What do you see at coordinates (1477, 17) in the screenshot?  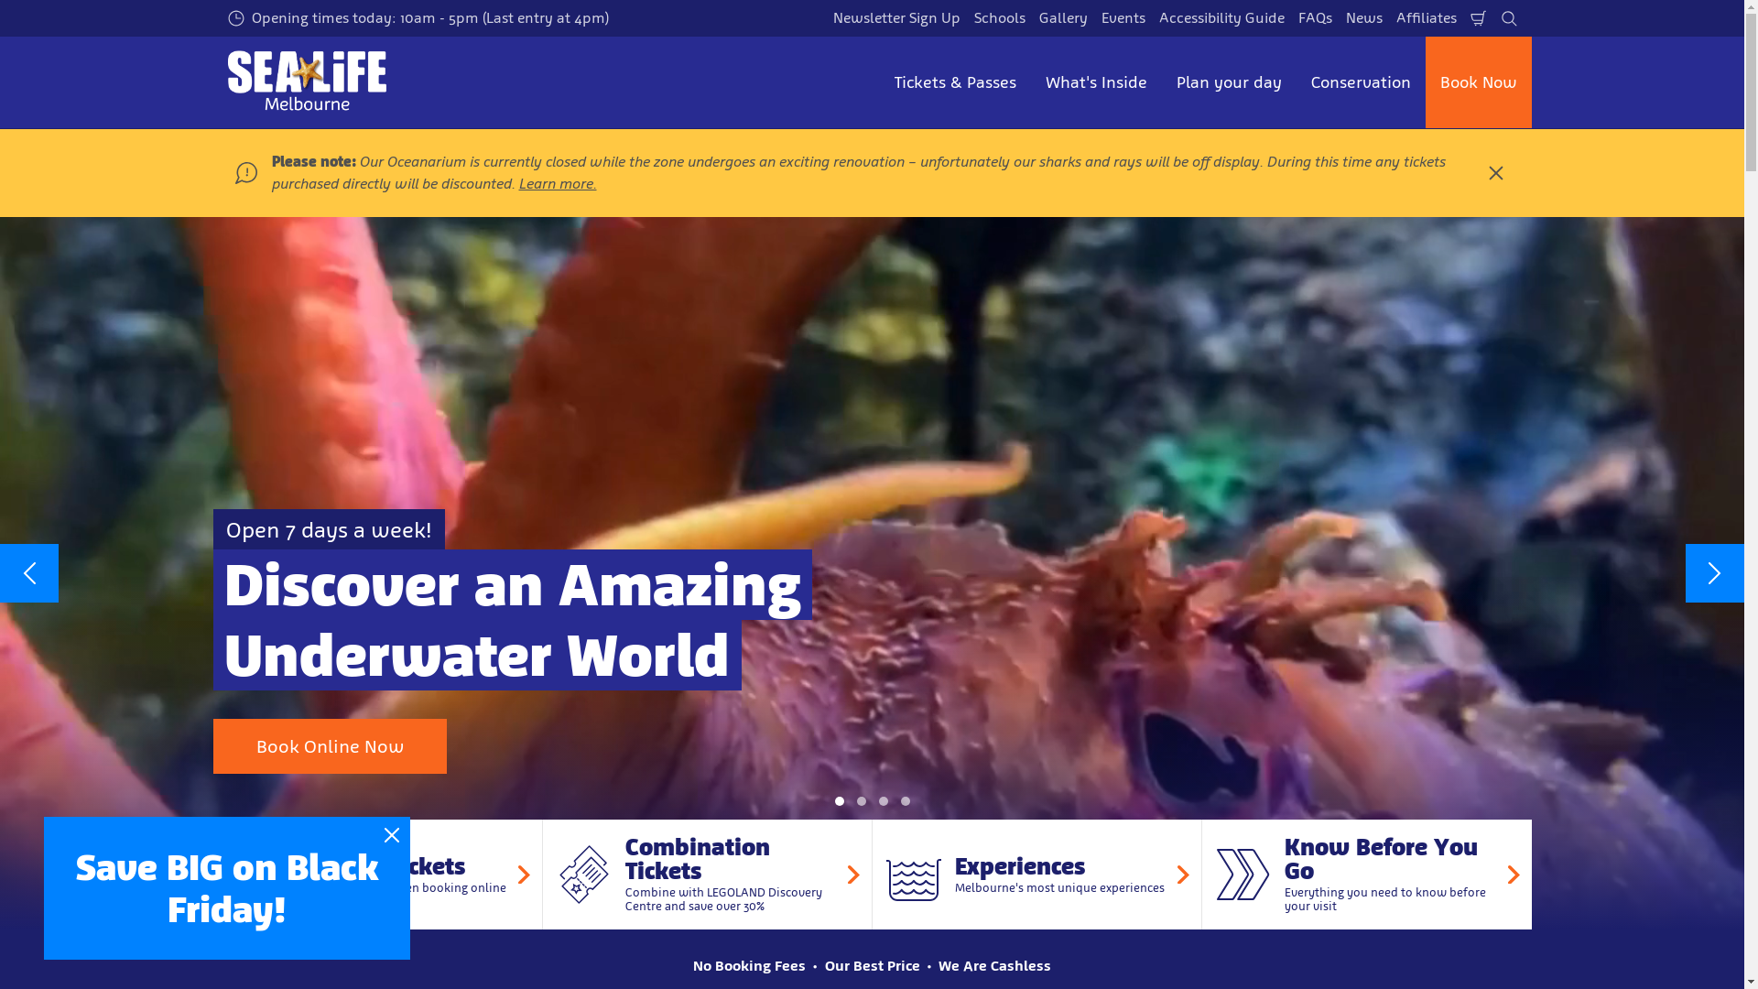 I see `'Shopping Cart'` at bounding box center [1477, 17].